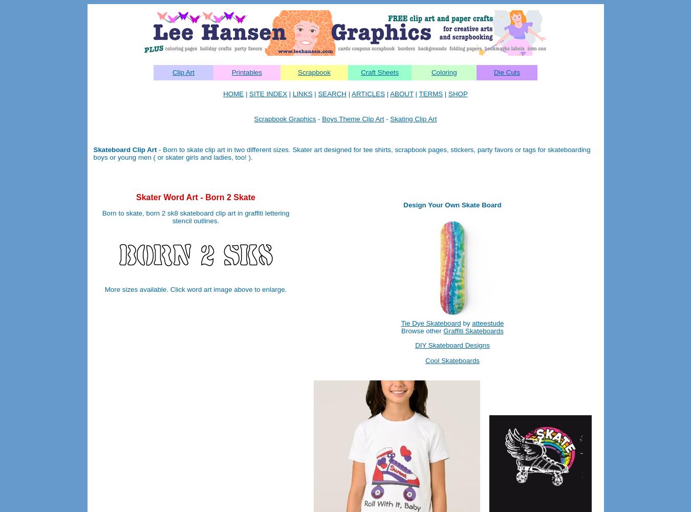 This screenshot has width=691, height=512. I want to click on 'by', so click(465, 323).